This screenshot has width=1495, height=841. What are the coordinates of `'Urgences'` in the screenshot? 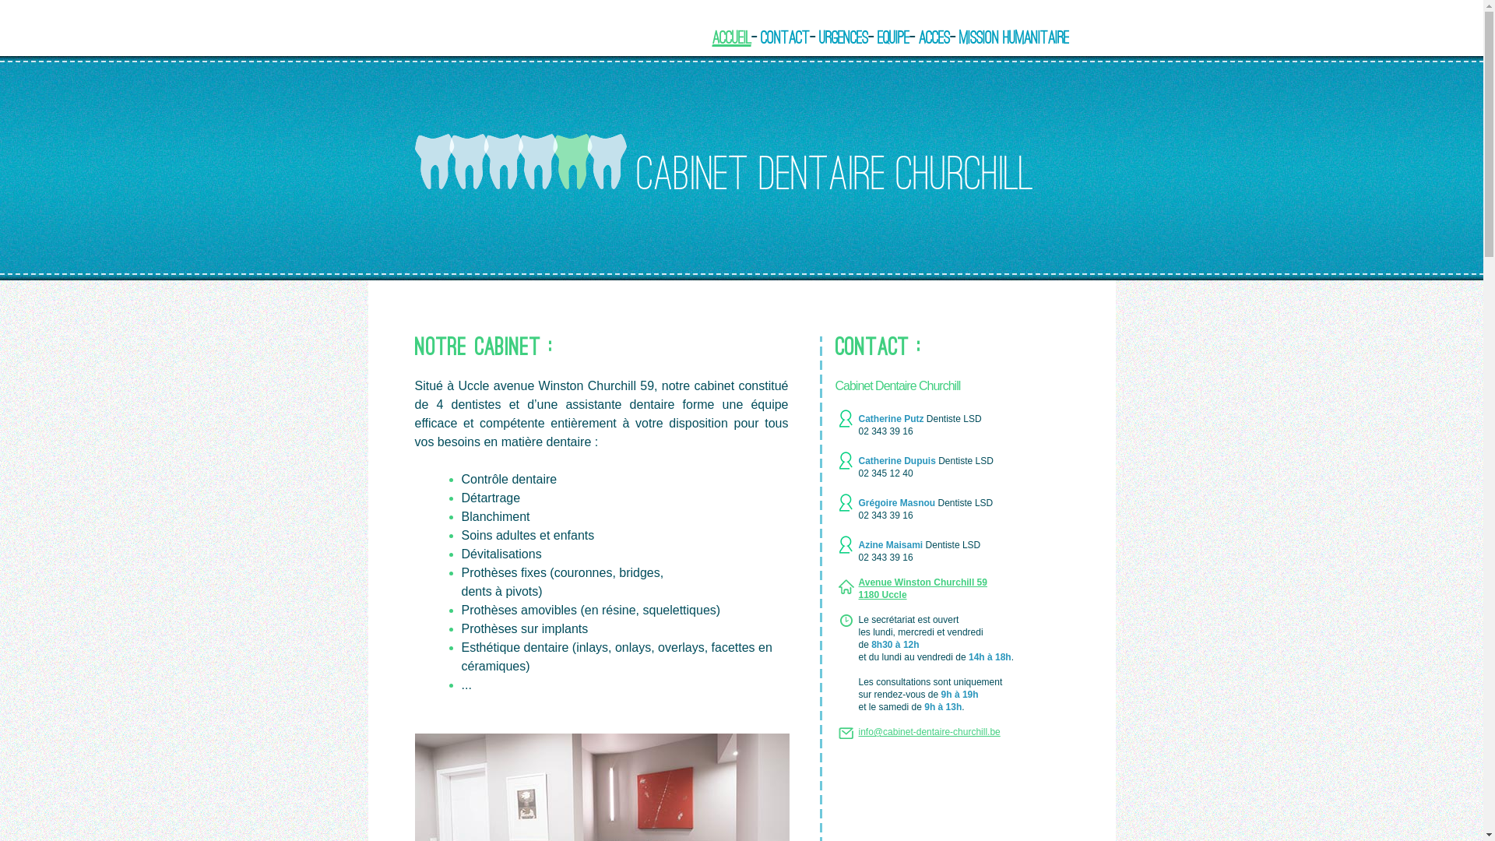 It's located at (842, 37).